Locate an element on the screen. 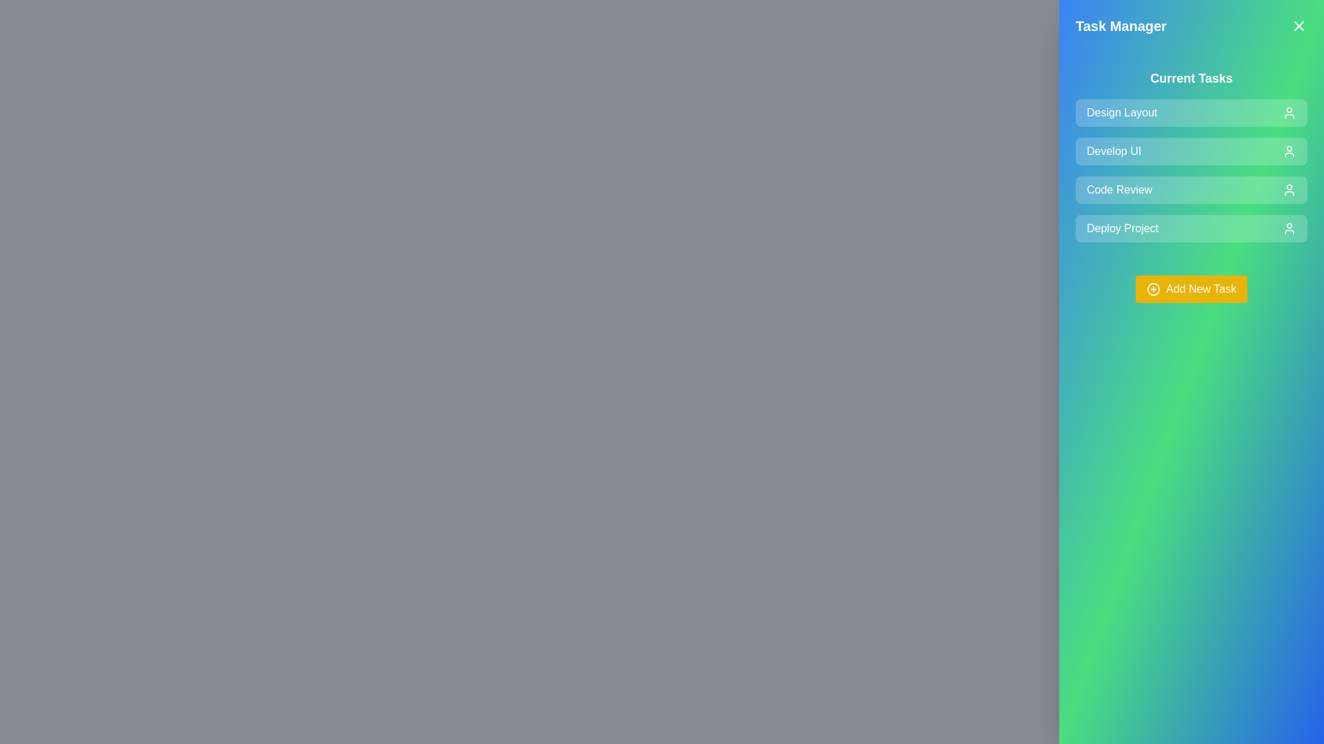 This screenshot has height=744, width=1324. the user assignment icon located in the top-right corner of the 'Develop UI' card is located at coordinates (1289, 151).